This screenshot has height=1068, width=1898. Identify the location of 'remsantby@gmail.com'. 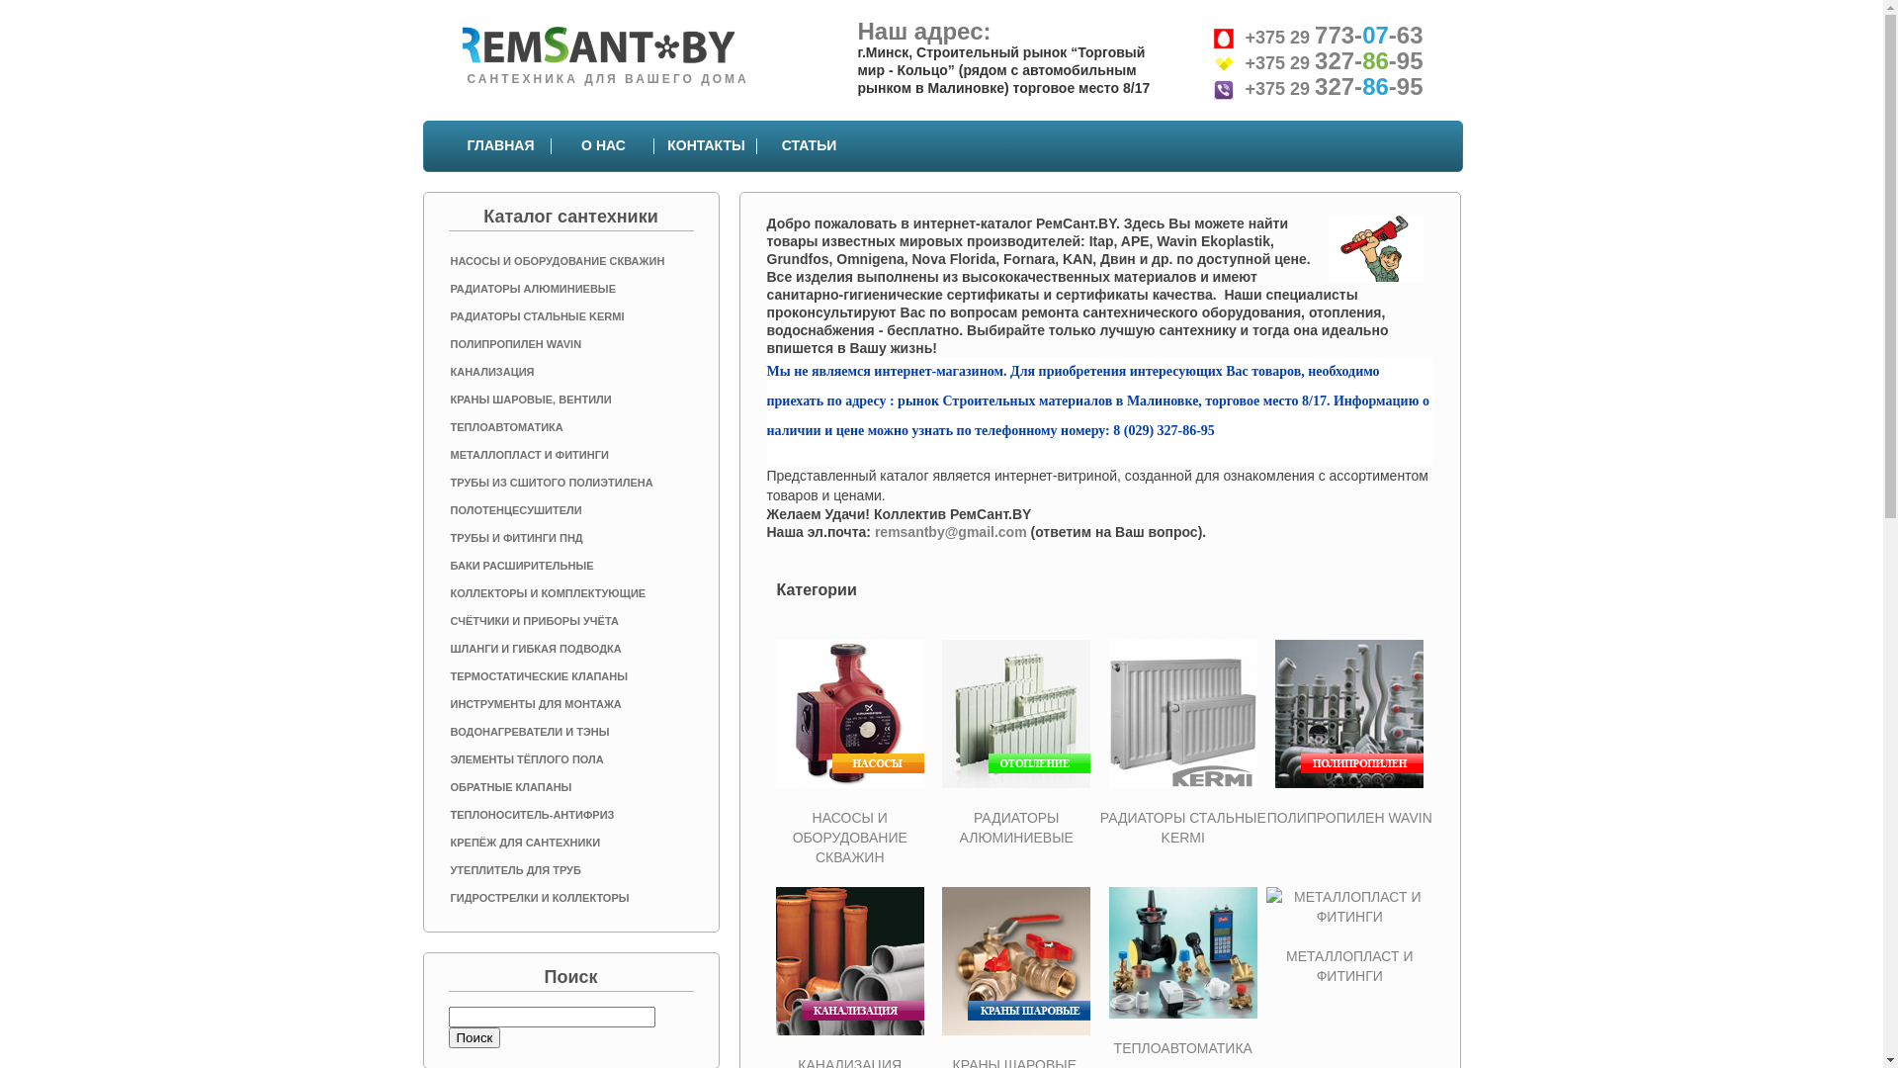
(950, 530).